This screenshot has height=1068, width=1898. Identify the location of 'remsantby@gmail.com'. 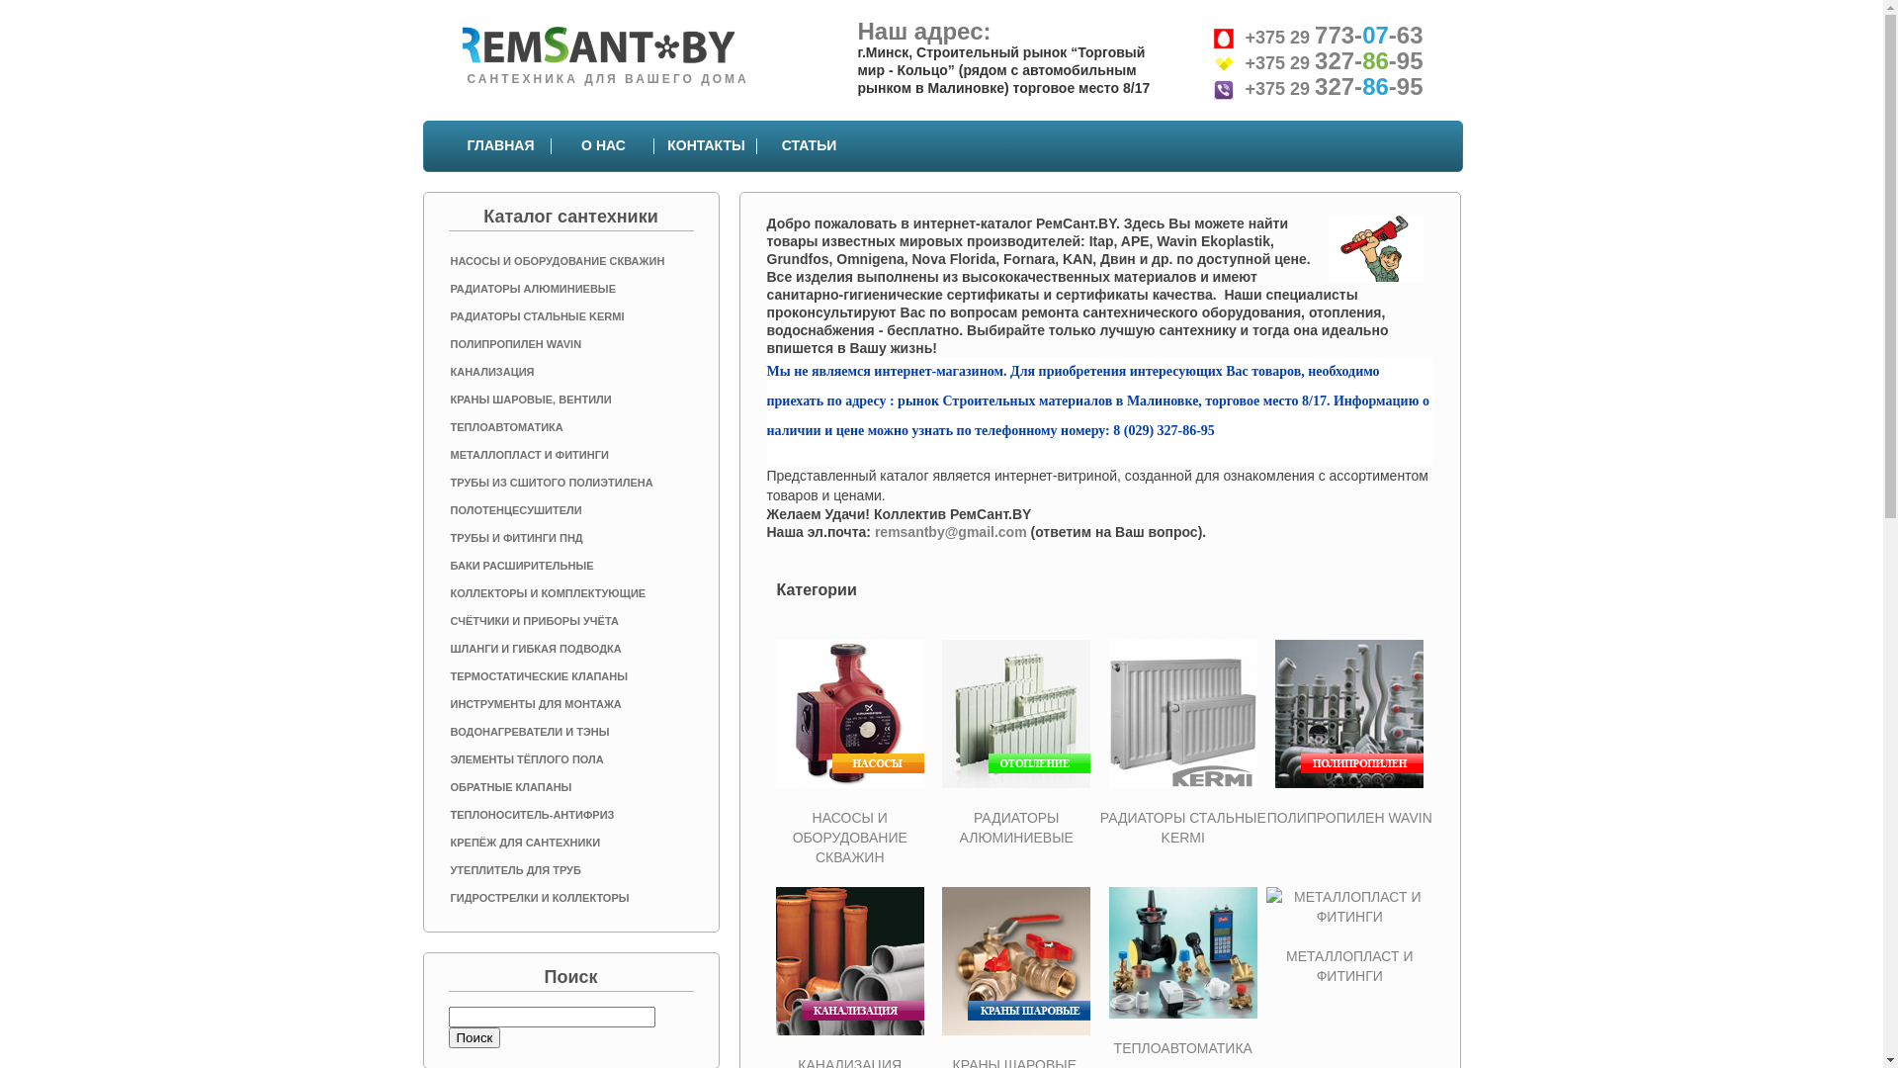
(950, 530).